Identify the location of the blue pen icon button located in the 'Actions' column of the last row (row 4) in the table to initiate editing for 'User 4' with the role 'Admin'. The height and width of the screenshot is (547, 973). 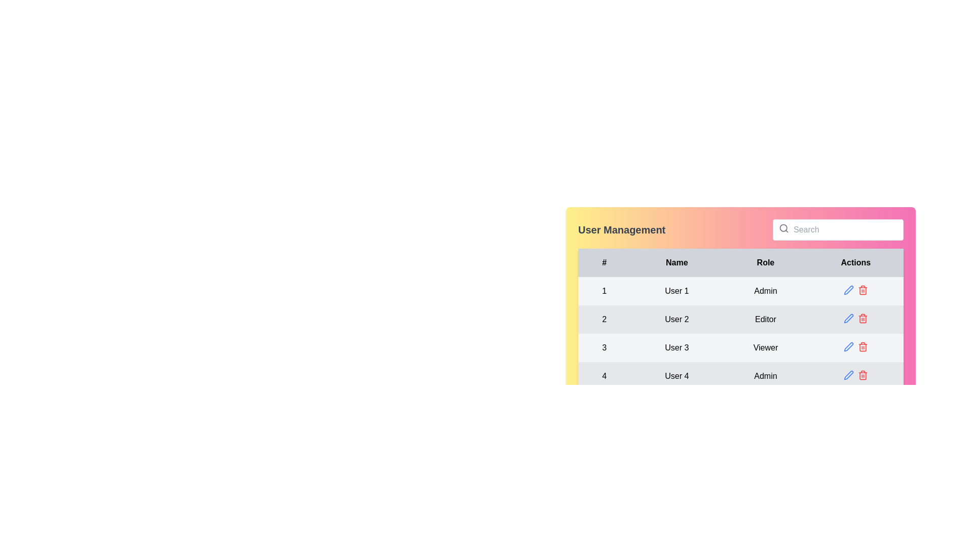
(848, 375).